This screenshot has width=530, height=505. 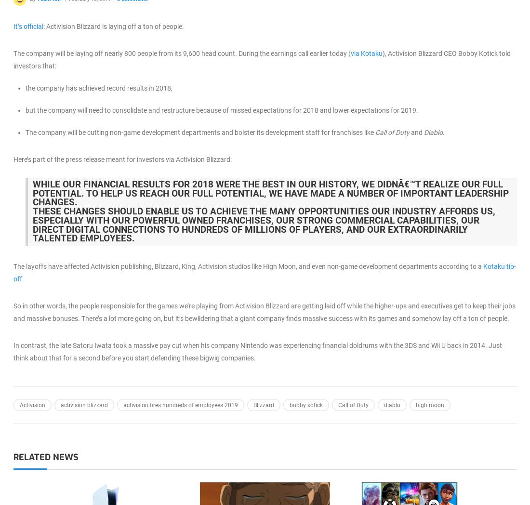 What do you see at coordinates (31, 405) in the screenshot?
I see `'Activision'` at bounding box center [31, 405].